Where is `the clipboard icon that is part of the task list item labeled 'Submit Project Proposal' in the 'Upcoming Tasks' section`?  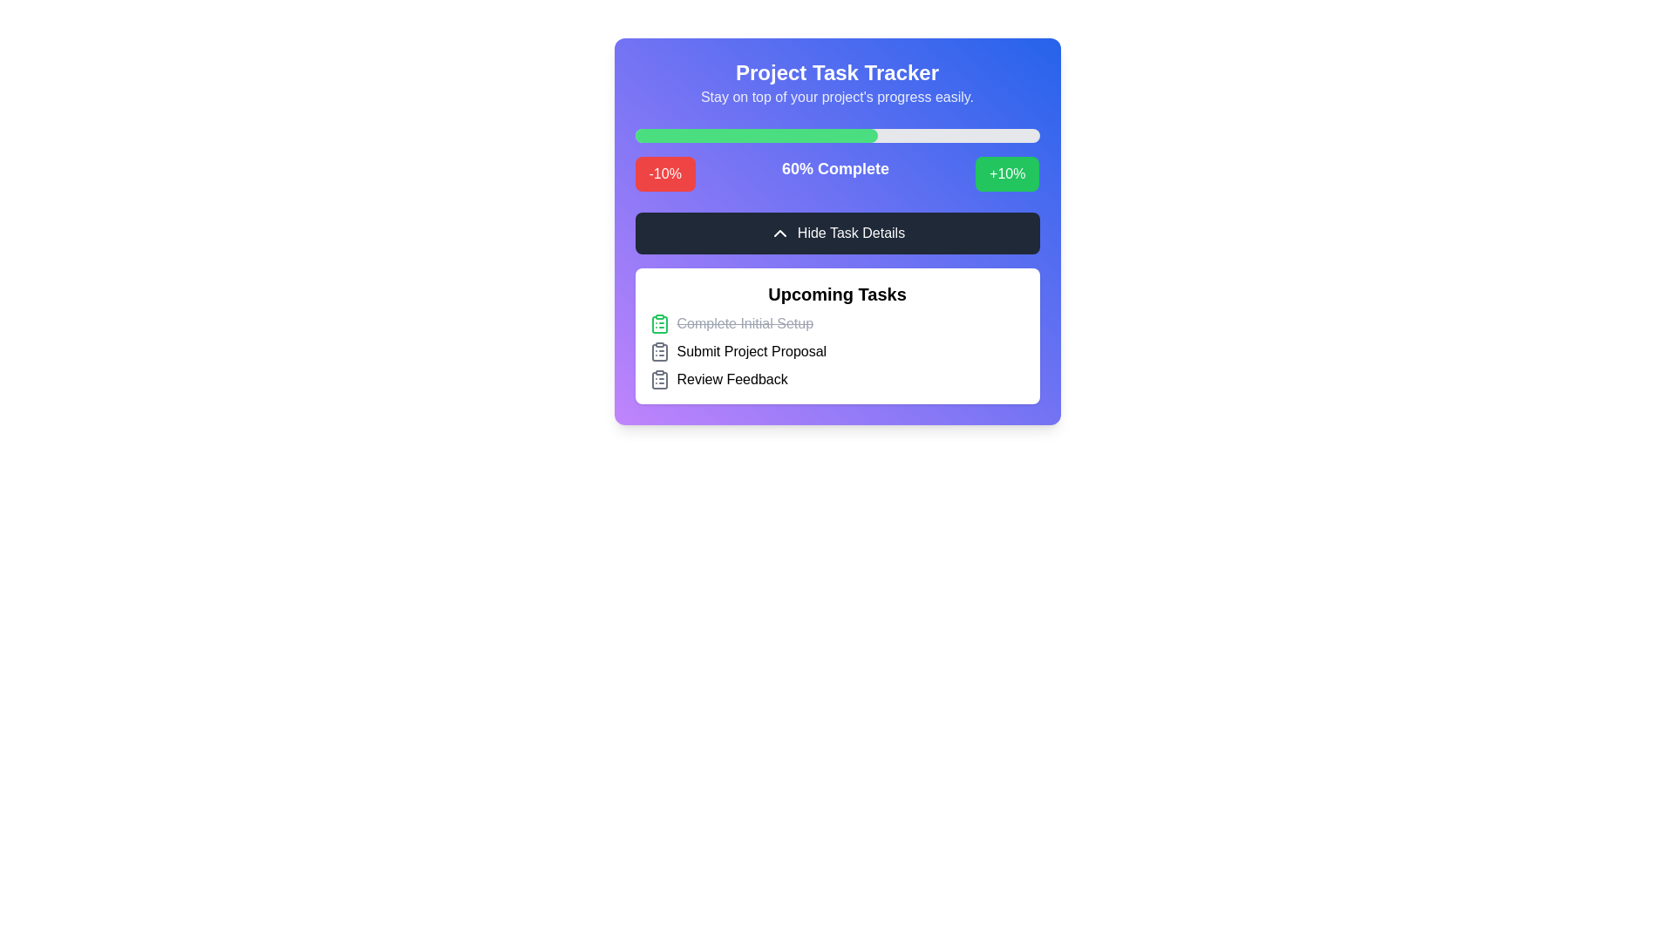 the clipboard icon that is part of the task list item labeled 'Submit Project Proposal' in the 'Upcoming Tasks' section is located at coordinates (658, 352).